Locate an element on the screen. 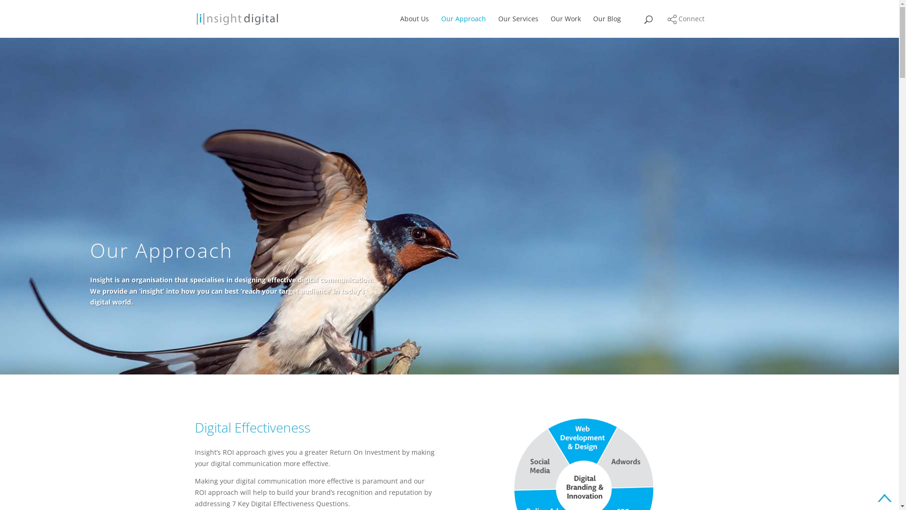  'Our Approach' is located at coordinates (463, 26).